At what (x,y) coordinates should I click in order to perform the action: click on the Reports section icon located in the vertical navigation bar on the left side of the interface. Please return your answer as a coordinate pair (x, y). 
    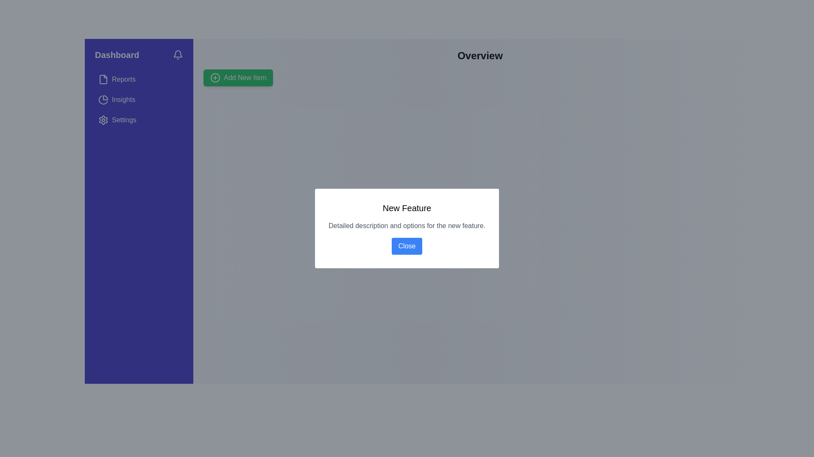
    Looking at the image, I should click on (103, 80).